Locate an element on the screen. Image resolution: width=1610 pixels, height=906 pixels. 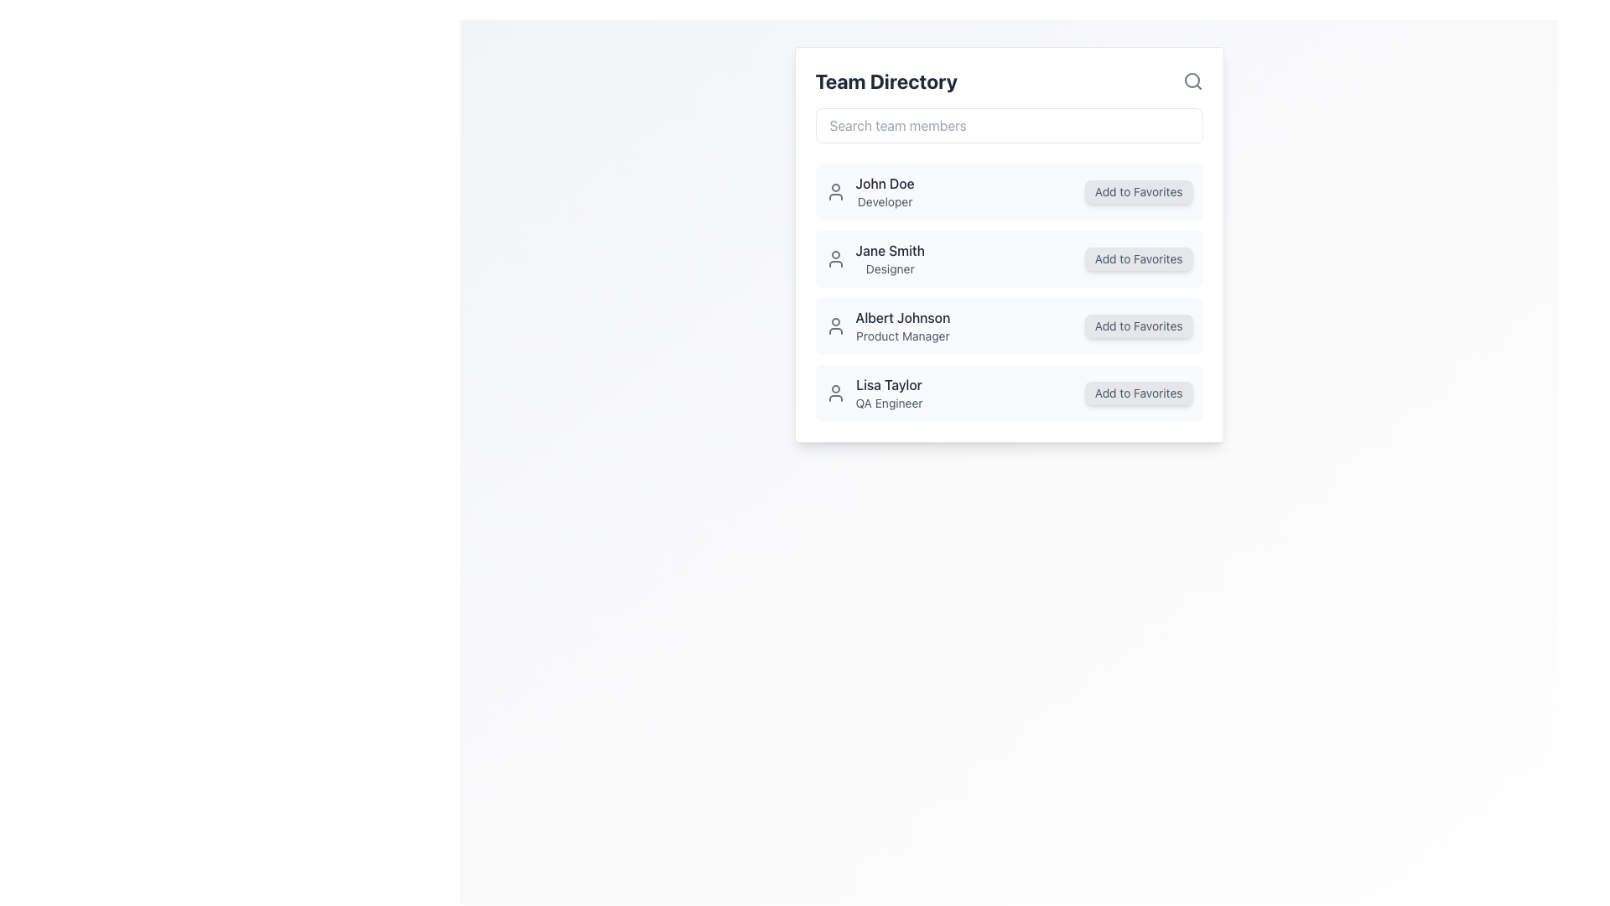
the button located in the second row of the team members list, to the far right of 'Jane Smith' profile, to mark her profile as a favorite is located at coordinates (1139, 258).